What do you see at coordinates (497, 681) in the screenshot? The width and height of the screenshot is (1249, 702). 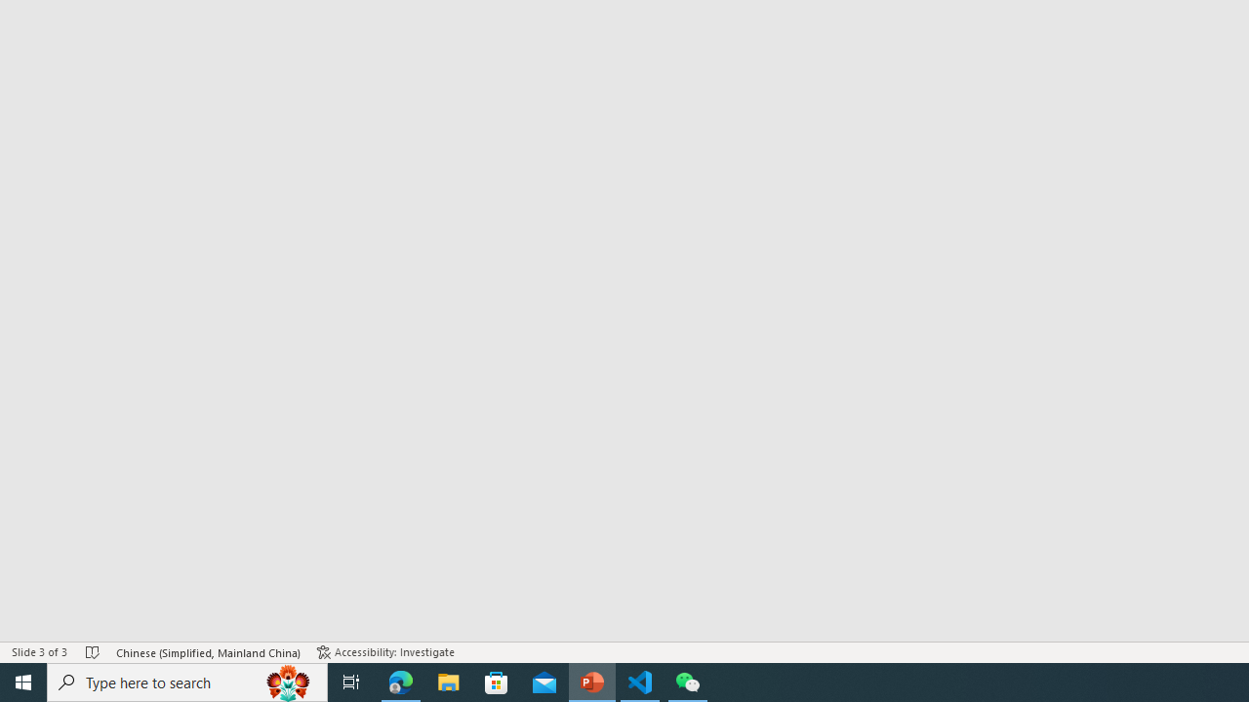 I see `'Microsoft Store'` at bounding box center [497, 681].